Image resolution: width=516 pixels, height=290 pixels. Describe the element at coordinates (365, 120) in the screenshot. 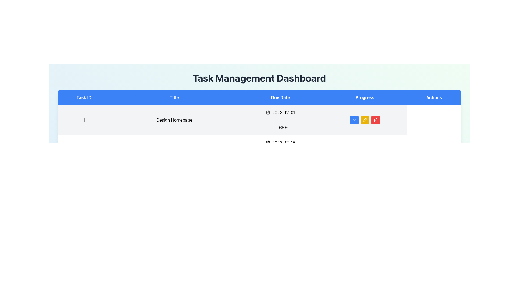

I see `the edit button with a yellow background and pencil icon located in the 'Actions' column of the table row` at that location.